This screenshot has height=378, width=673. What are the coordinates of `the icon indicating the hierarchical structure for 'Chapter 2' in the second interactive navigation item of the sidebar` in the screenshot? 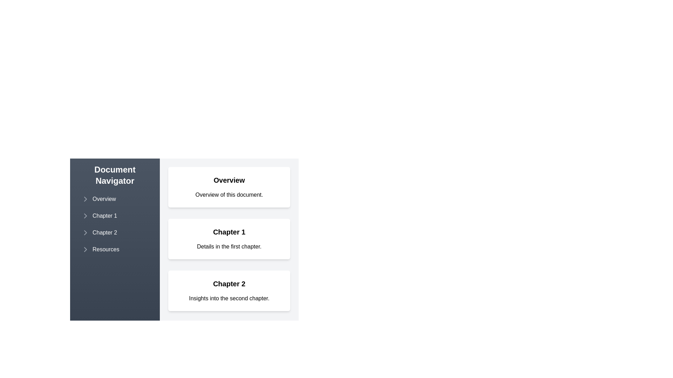 It's located at (85, 232).